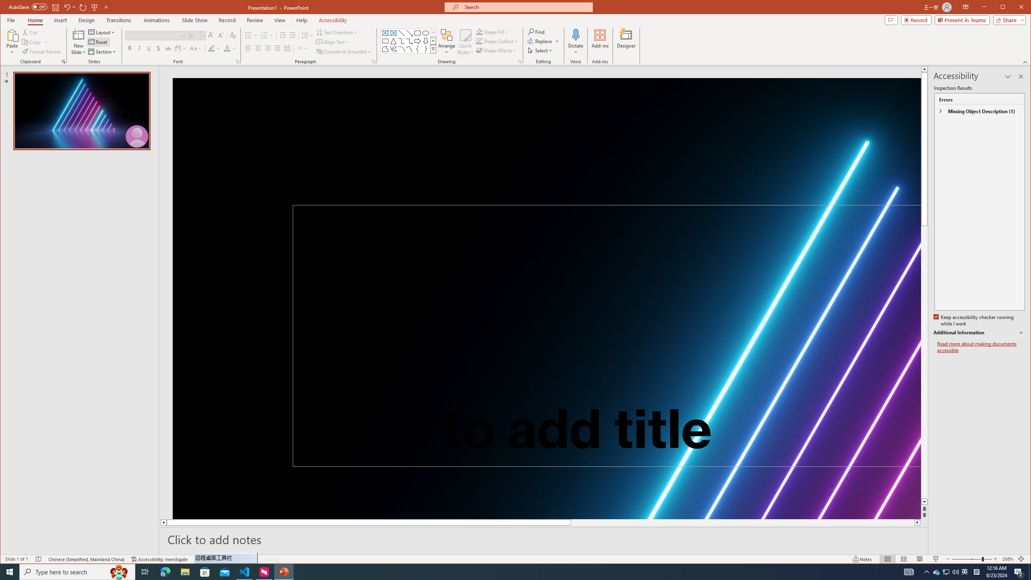 This screenshot has height=580, width=1031. Describe the element at coordinates (77, 571) in the screenshot. I see `'Type here to search'` at that location.